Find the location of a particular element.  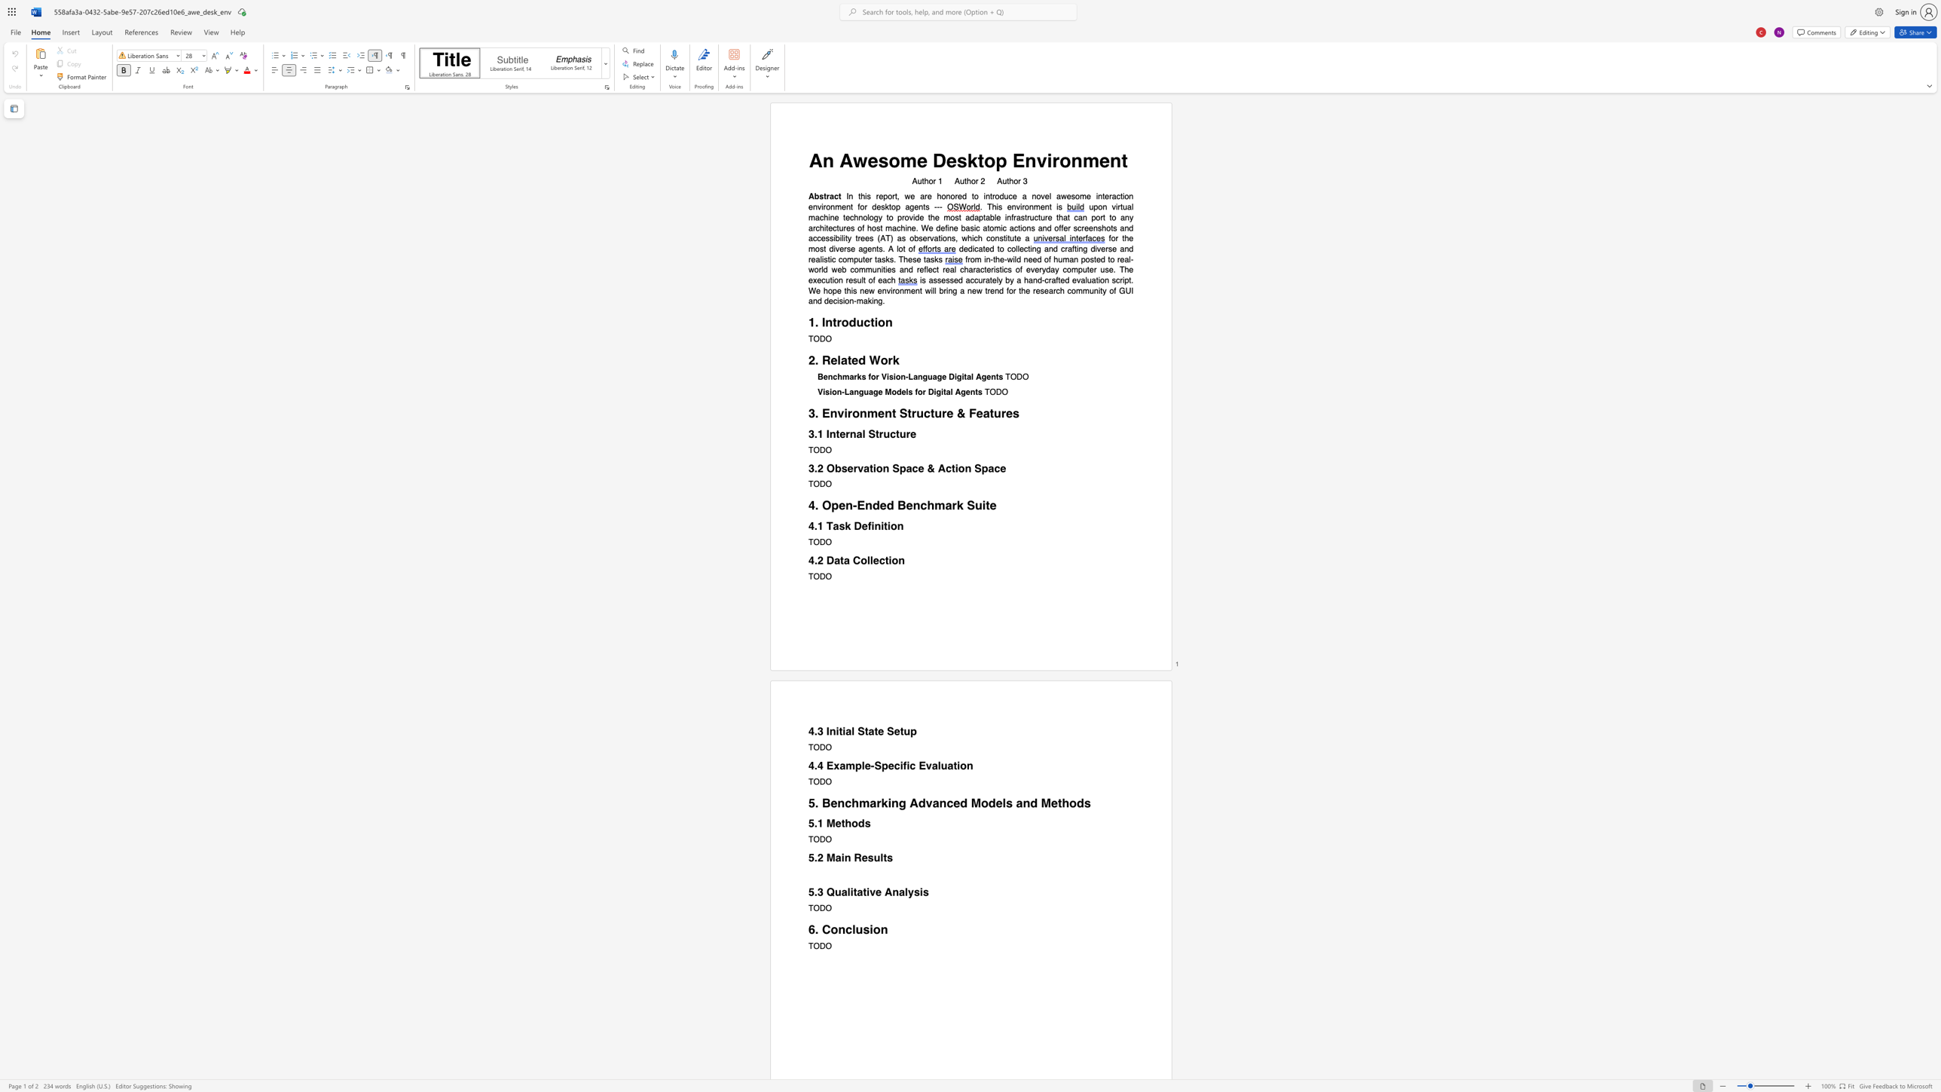

the subset text "le-Specif" within the text "4.4 Example-Specific Evaluation" is located at coordinates (860, 766).